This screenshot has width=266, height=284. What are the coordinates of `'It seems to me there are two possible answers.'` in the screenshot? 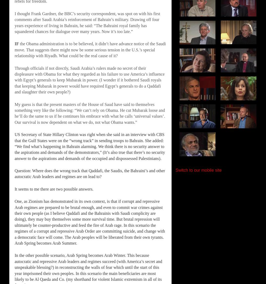 It's located at (54, 189).